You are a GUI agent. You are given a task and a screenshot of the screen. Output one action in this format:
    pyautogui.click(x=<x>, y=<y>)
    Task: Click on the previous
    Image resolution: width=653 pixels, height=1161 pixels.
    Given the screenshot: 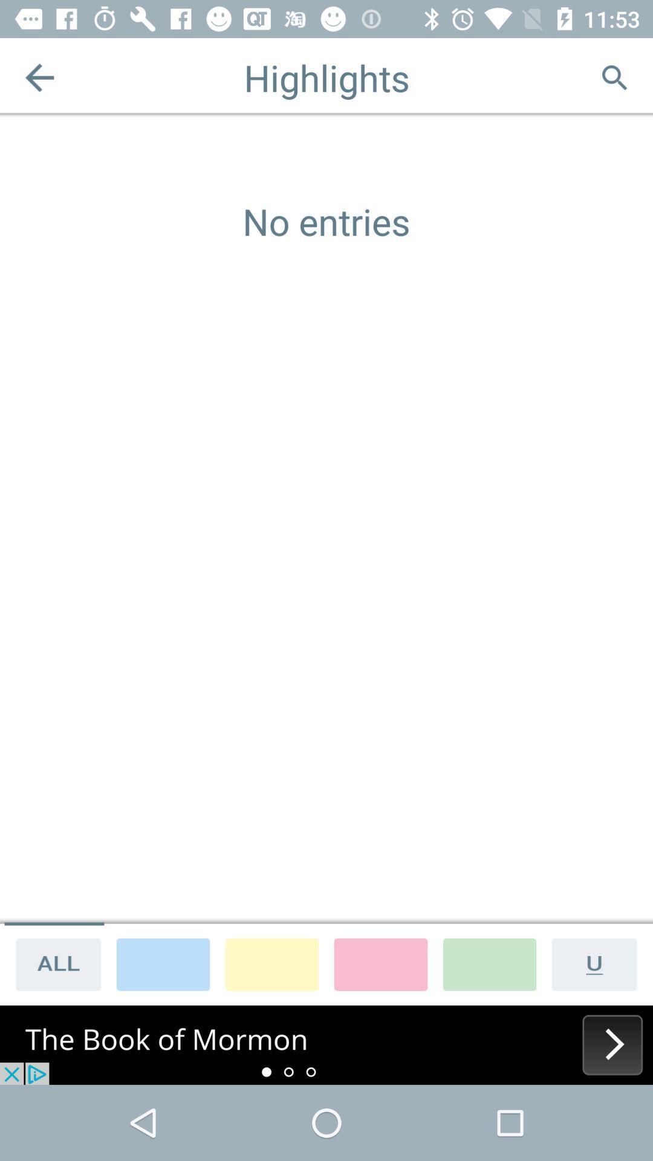 What is the action you would take?
    pyautogui.click(x=39, y=77)
    